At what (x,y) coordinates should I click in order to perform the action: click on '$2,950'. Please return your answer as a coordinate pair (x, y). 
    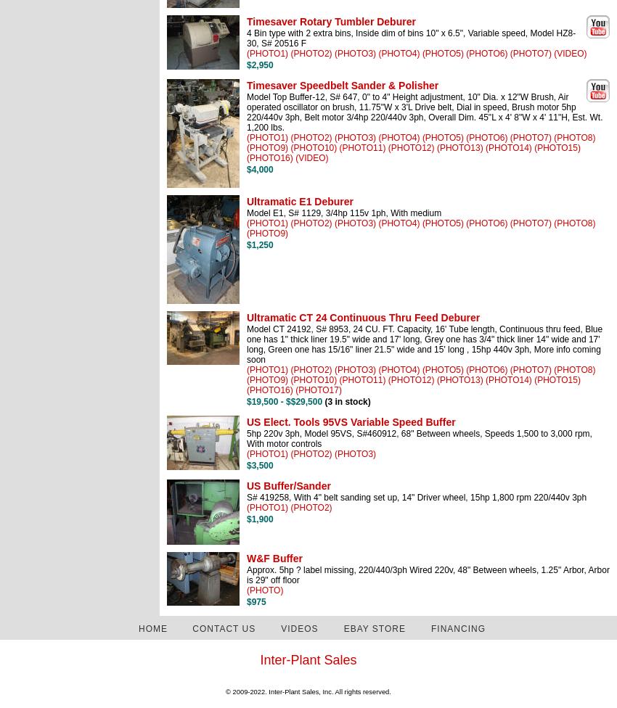
    Looking at the image, I should click on (259, 65).